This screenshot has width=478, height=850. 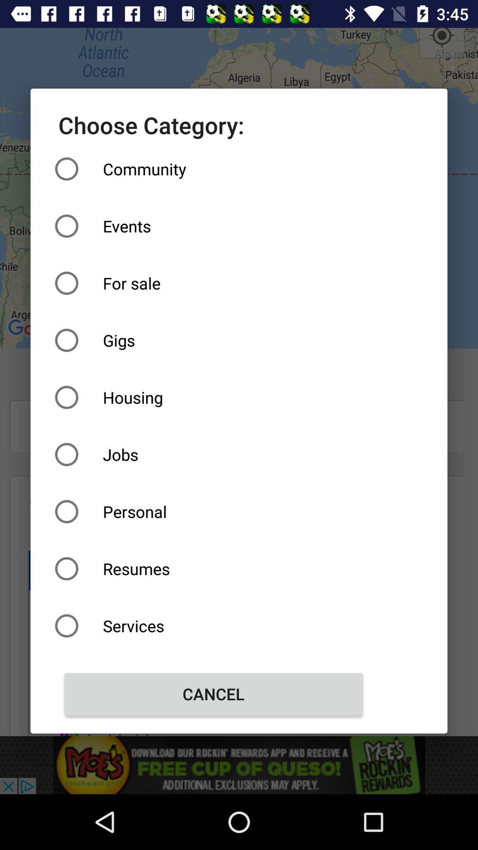 I want to click on the icon below services, so click(x=213, y=693).